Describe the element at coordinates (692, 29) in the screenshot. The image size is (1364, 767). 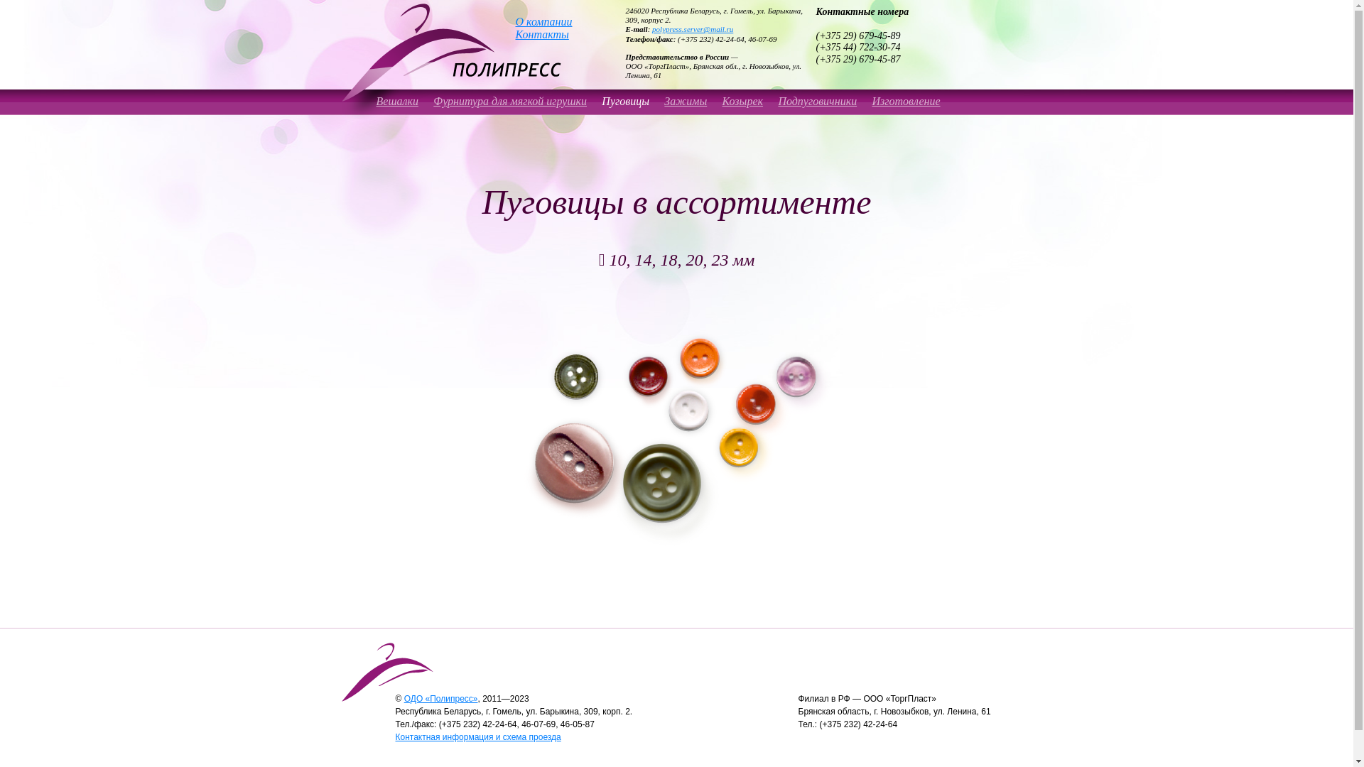
I see `'polypress.server@mail.ru'` at that location.